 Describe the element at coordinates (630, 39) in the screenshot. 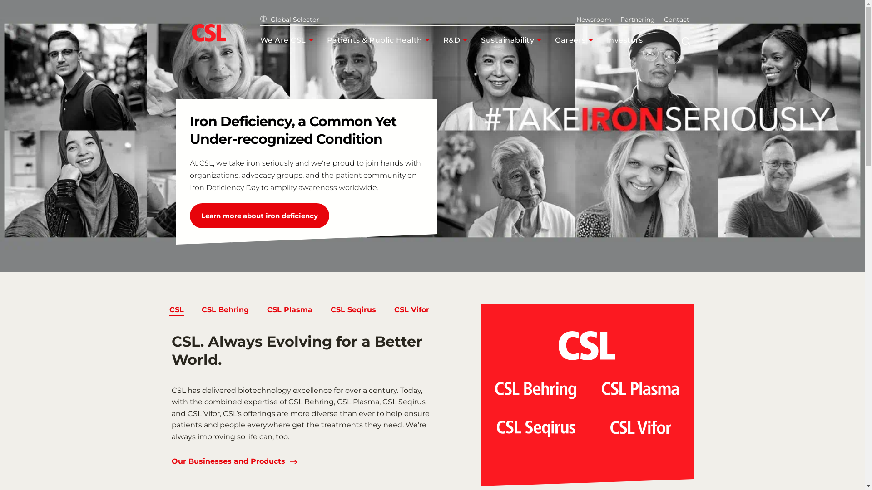

I see `'Investors'` at that location.